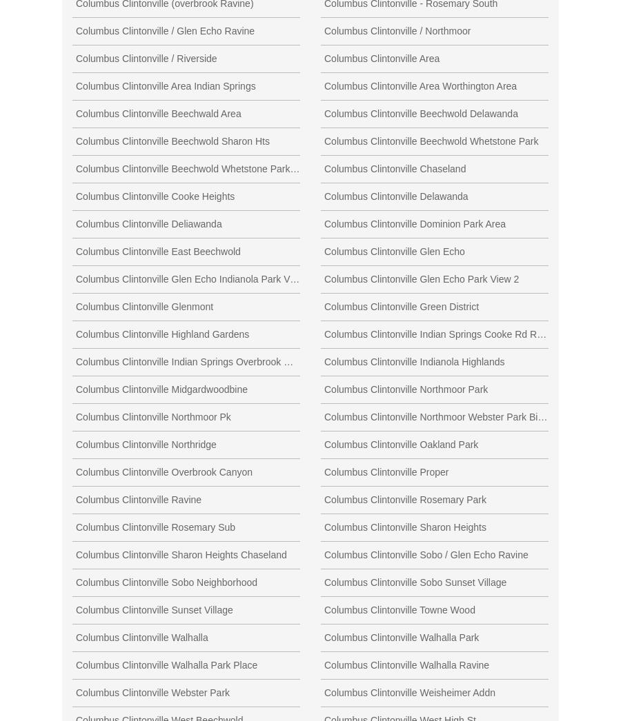  What do you see at coordinates (193, 360) in the screenshot?
I see `'Columbus Clintonville Indian Springs Overbrook Ravine'` at bounding box center [193, 360].